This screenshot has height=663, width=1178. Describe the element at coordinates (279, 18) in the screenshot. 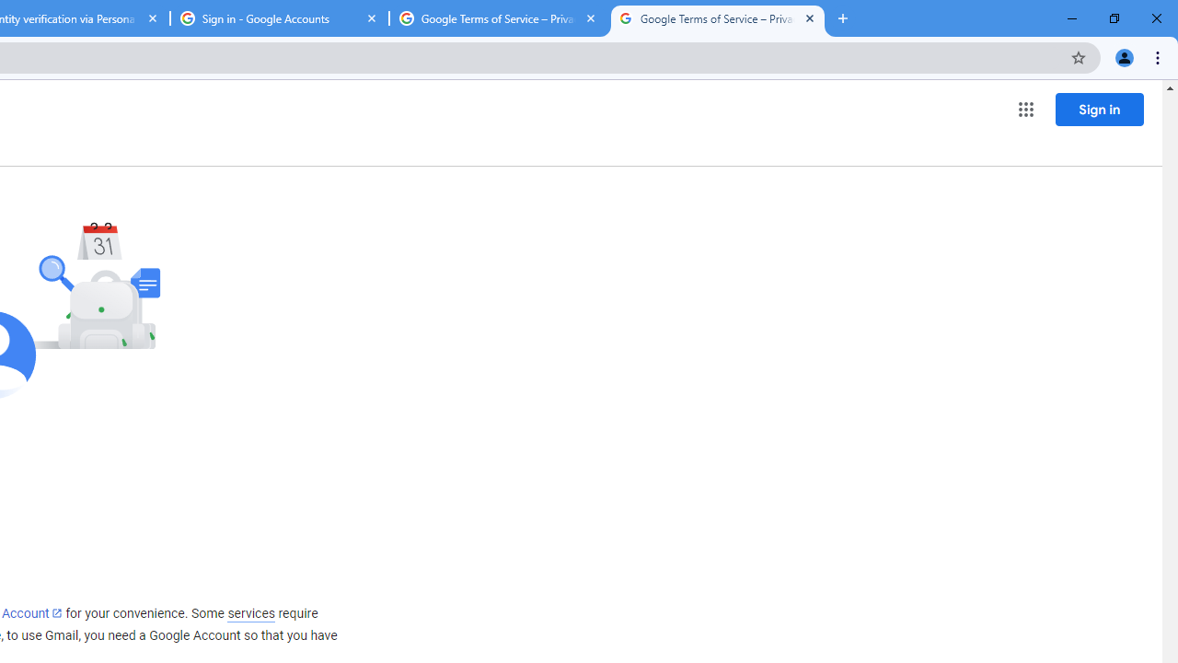

I see `'Sign in - Google Accounts'` at that location.